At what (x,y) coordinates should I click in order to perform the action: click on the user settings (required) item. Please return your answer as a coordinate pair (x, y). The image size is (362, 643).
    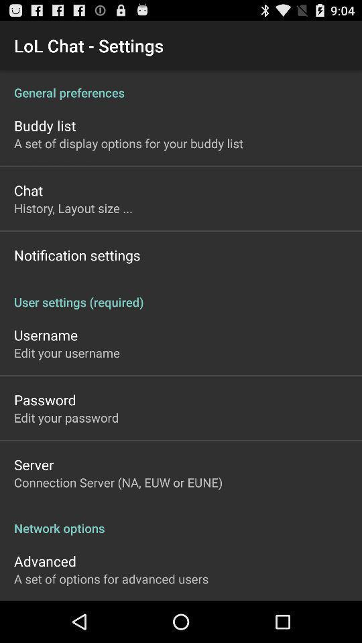
    Looking at the image, I should click on (181, 295).